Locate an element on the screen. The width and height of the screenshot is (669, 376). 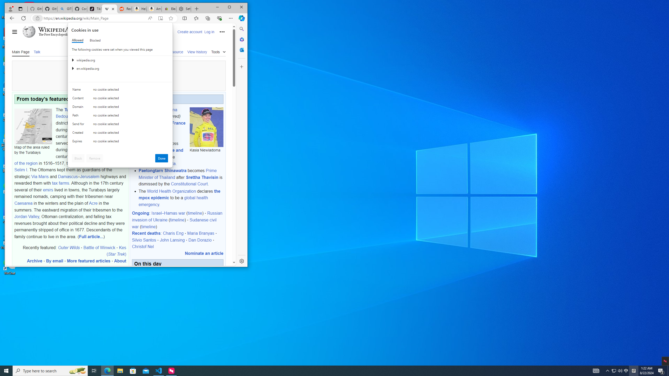
'Block' is located at coordinates (78, 158).